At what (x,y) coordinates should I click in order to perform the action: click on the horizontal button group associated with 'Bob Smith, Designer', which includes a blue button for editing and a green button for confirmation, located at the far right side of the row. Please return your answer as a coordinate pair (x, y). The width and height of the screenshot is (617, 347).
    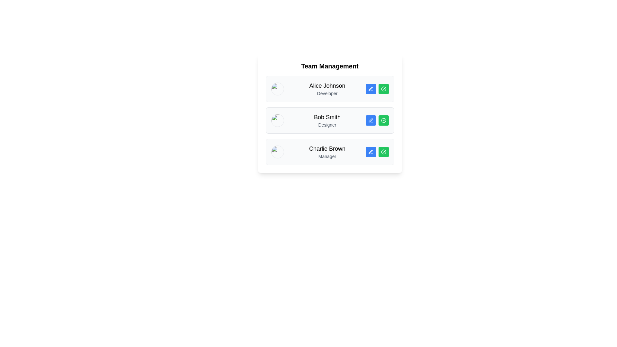
    Looking at the image, I should click on (377, 120).